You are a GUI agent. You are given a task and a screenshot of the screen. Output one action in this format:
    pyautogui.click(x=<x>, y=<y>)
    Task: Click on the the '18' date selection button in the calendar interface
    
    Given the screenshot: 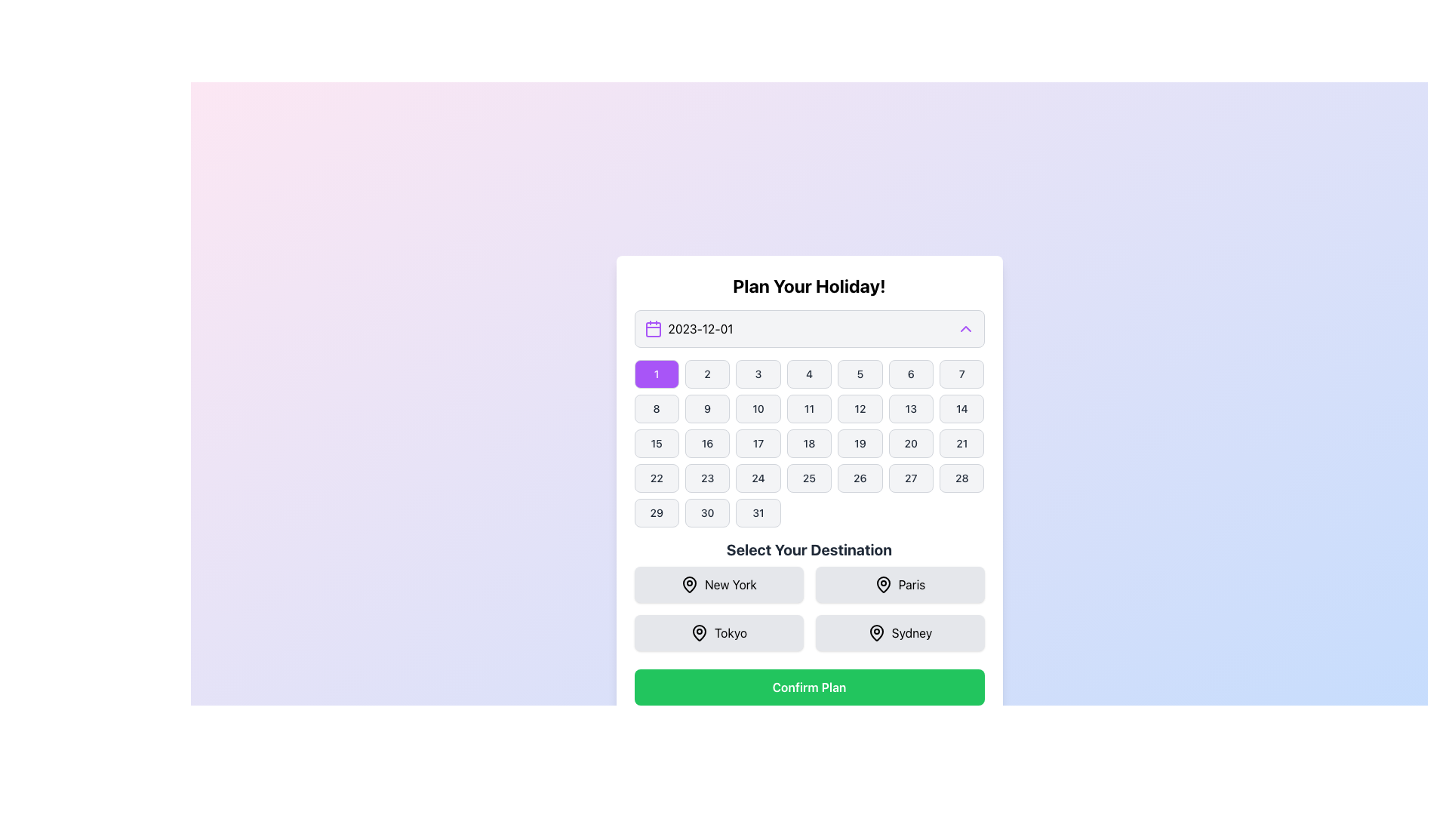 What is the action you would take?
    pyautogui.click(x=808, y=442)
    